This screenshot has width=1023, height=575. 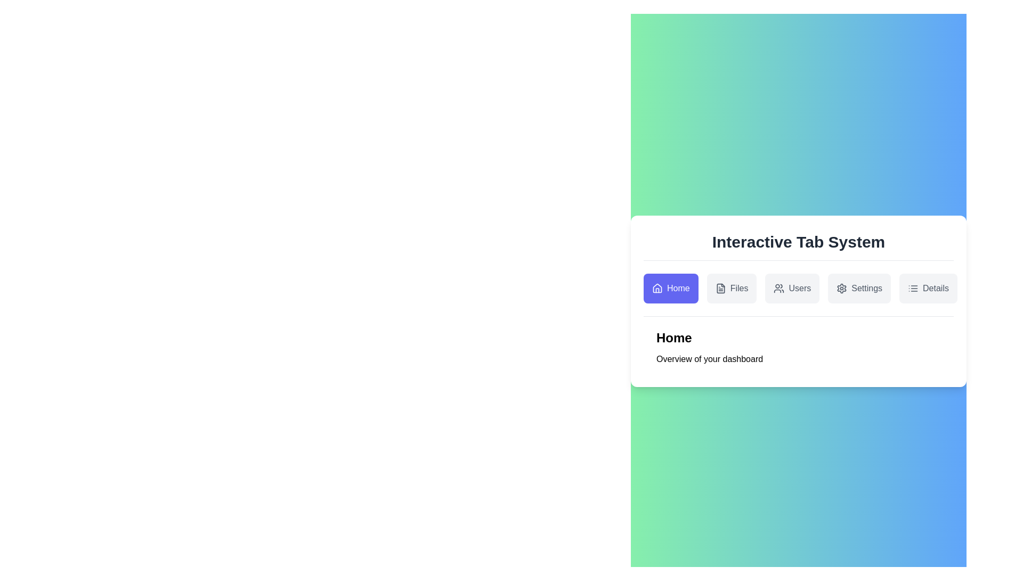 What do you see at coordinates (673, 338) in the screenshot?
I see `the header Text label located at the top-left area of the details pane within the dashboard, which indicates the current section or context` at bounding box center [673, 338].